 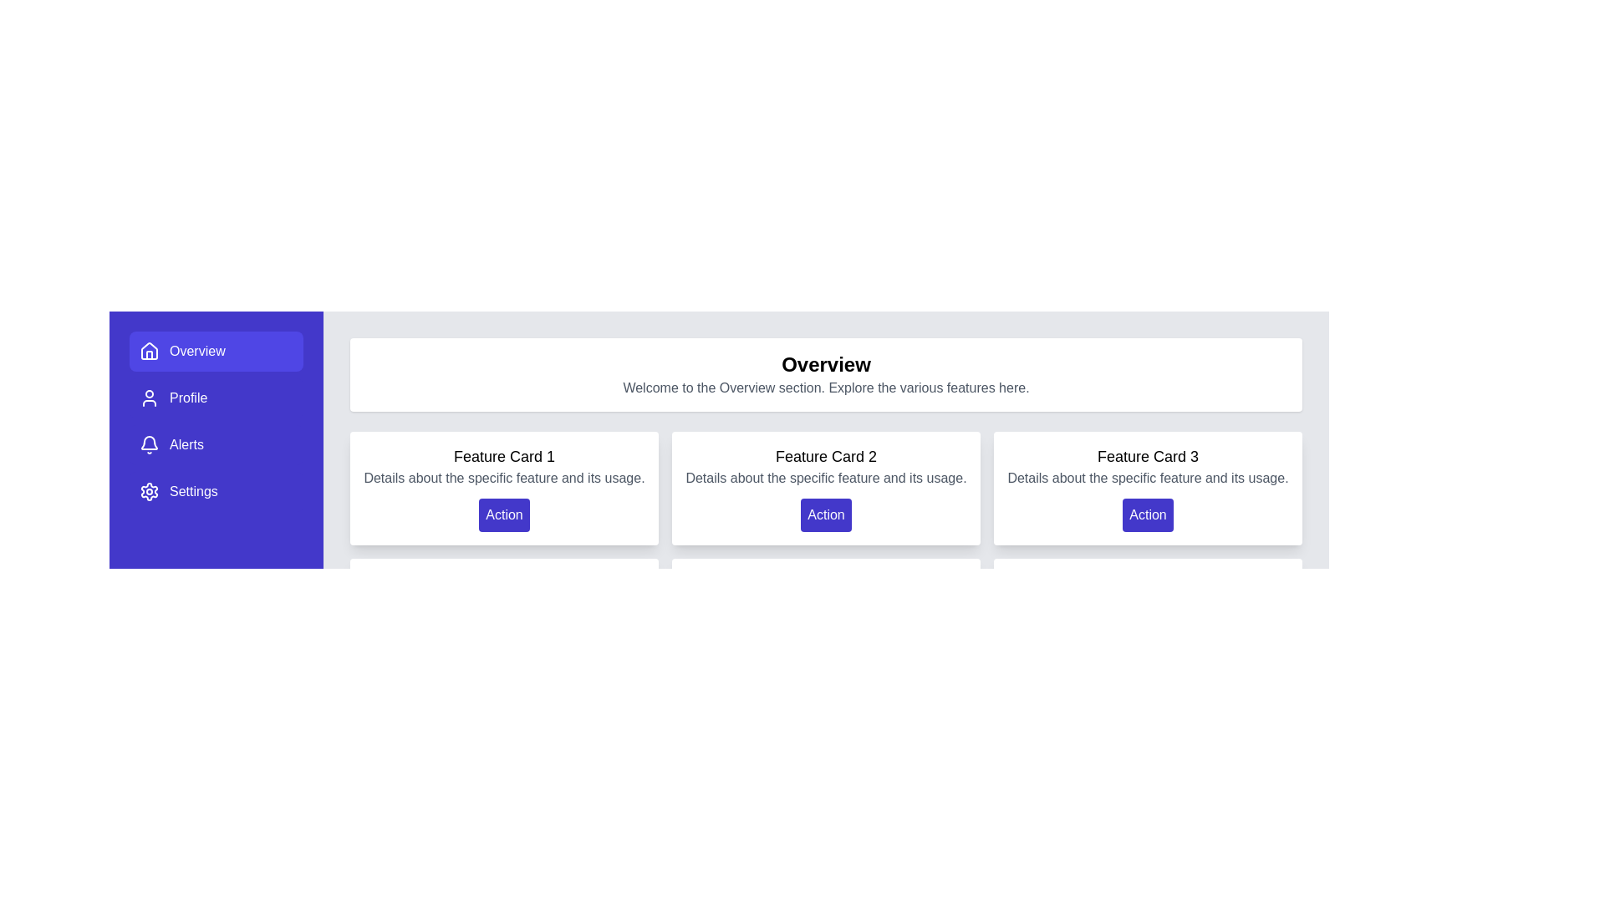 What do you see at coordinates (826, 388) in the screenshot?
I see `the descriptive text label located directly below the 'Overview' heading in the upper section of the central interface` at bounding box center [826, 388].